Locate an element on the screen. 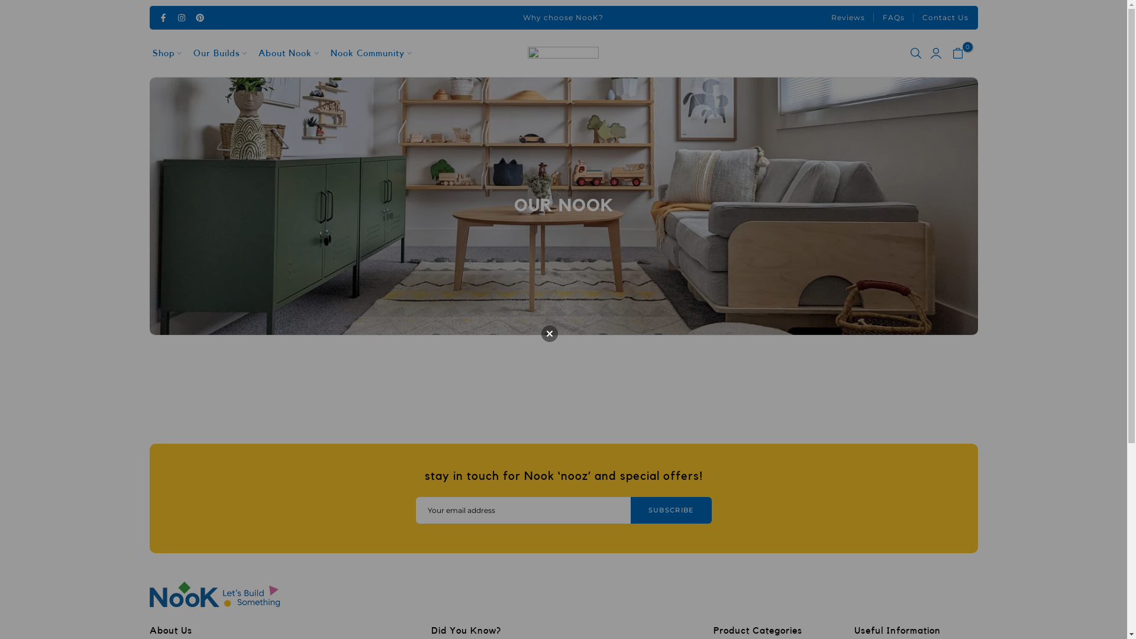 The image size is (1136, 639). 'Reviews' is located at coordinates (831, 18).